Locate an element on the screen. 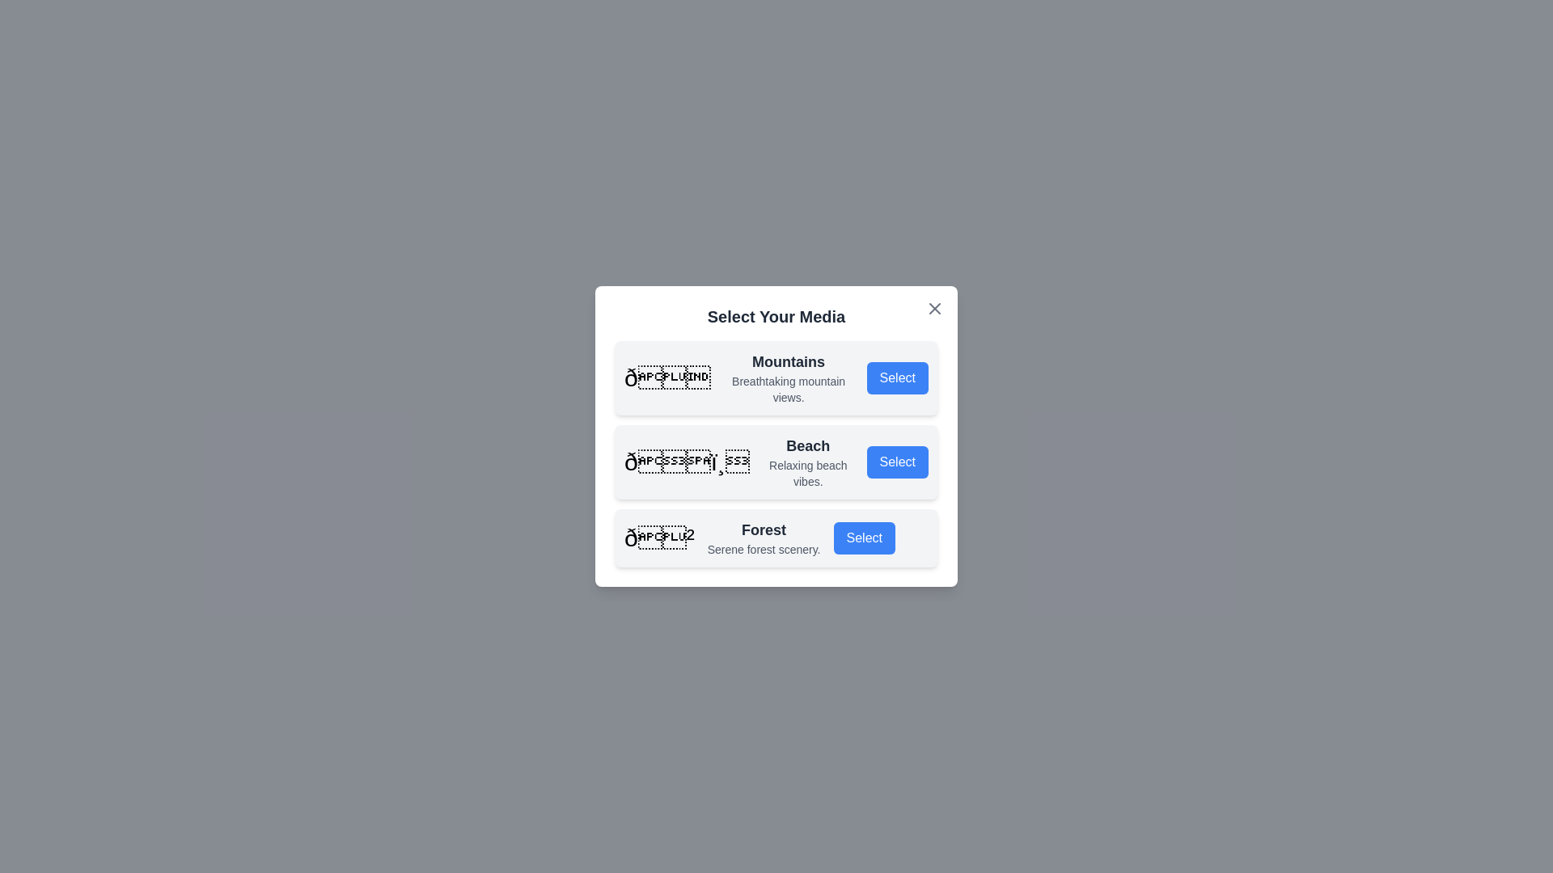  'Select' button for the specified media option Forest is located at coordinates (863, 538).